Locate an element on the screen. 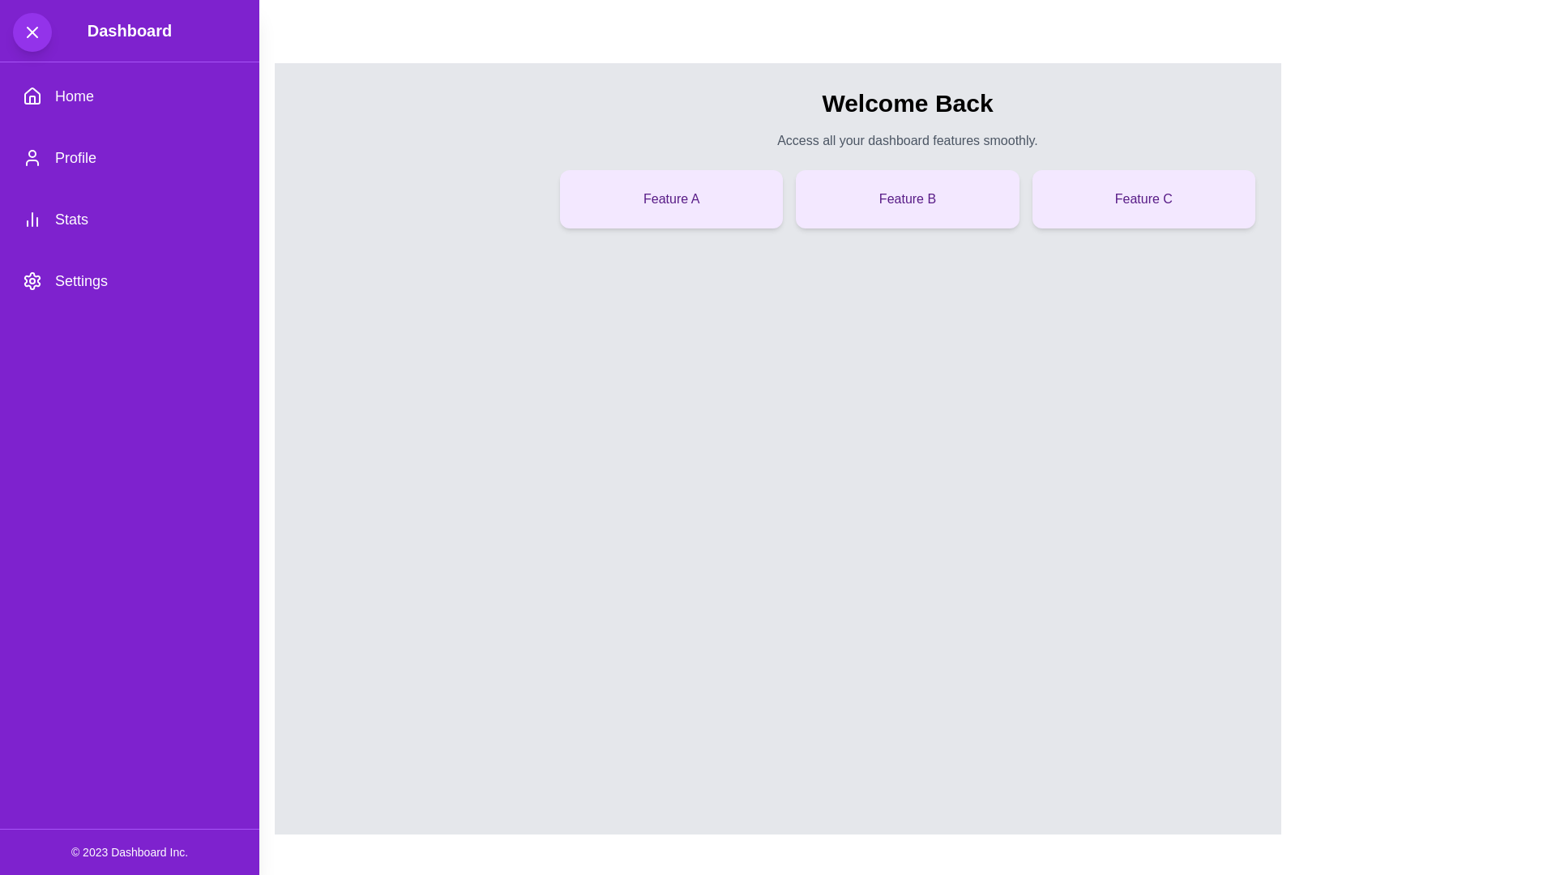 The height and width of the screenshot is (875, 1556). the purple 'Settings' button with a gear icon on the left, located as the fourth item in the vertical menu on the left side of the interface for rapid navigation is located at coordinates (65, 280).